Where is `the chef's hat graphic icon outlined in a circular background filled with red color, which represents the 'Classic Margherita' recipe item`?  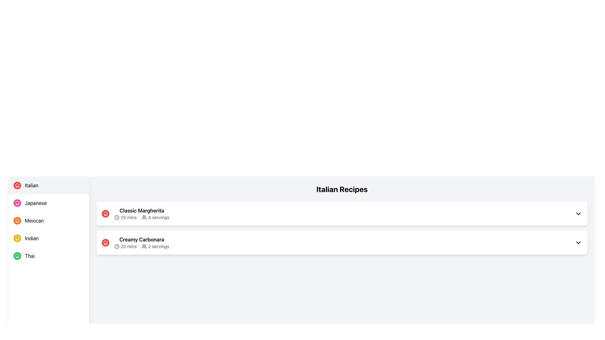 the chef's hat graphic icon outlined in a circular background filled with red color, which represents the 'Classic Margherita' recipe item is located at coordinates (106, 242).